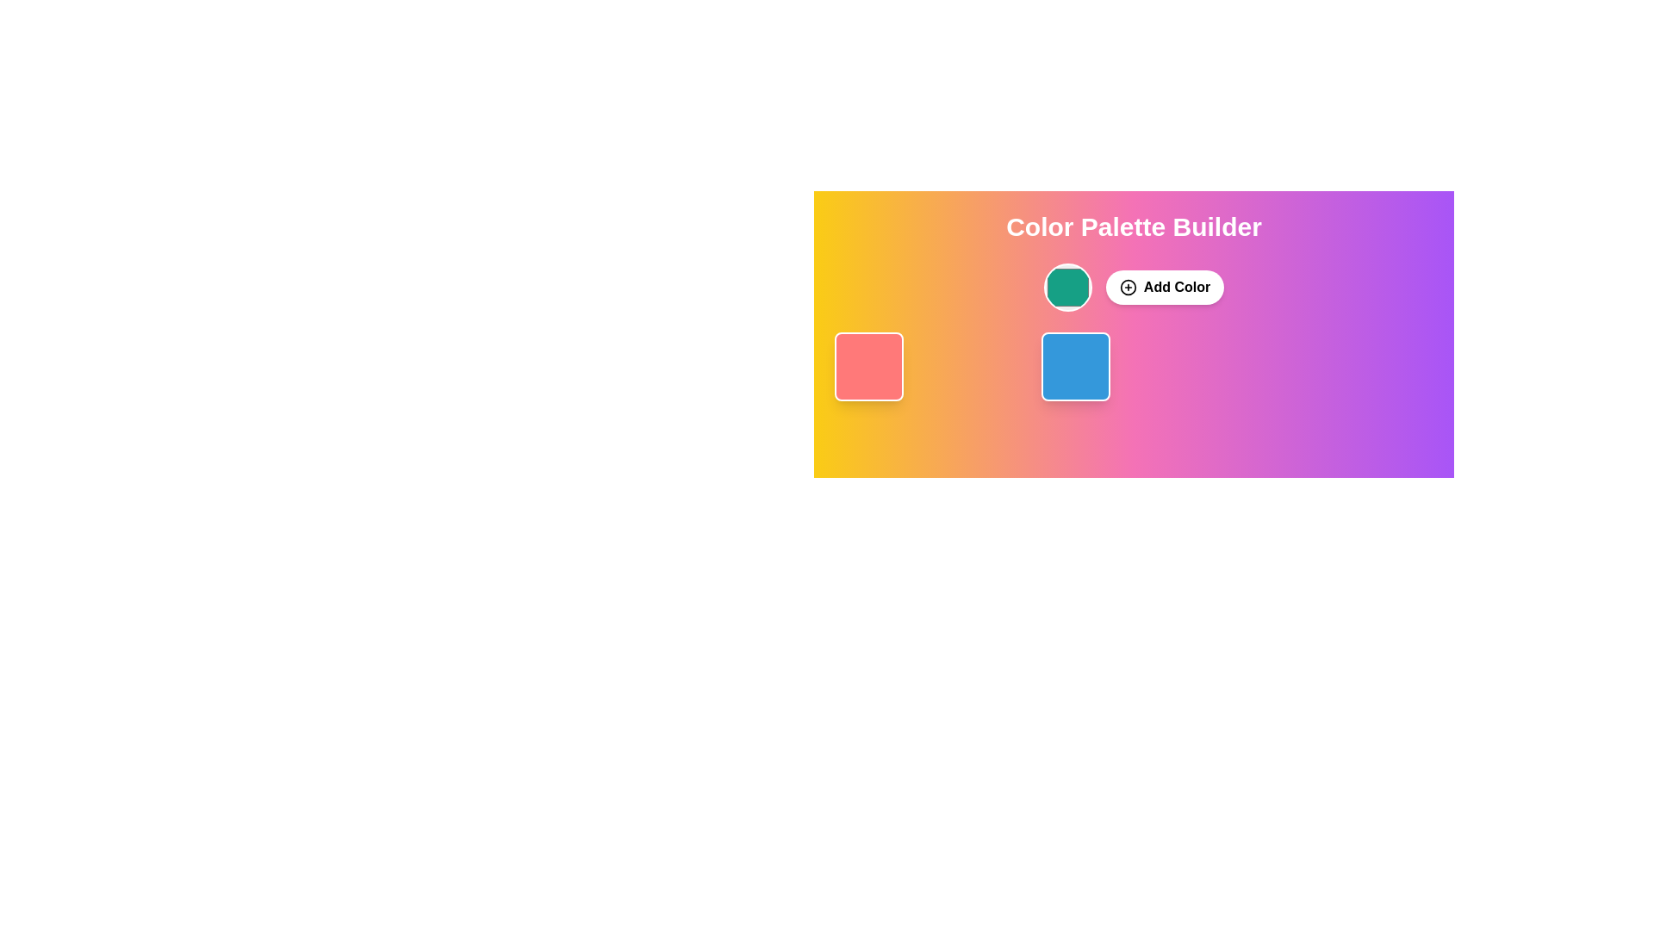 The height and width of the screenshot is (930, 1654). Describe the element at coordinates (1133, 365) in the screenshot. I see `the second tile in the second row of the color palette grid` at that location.